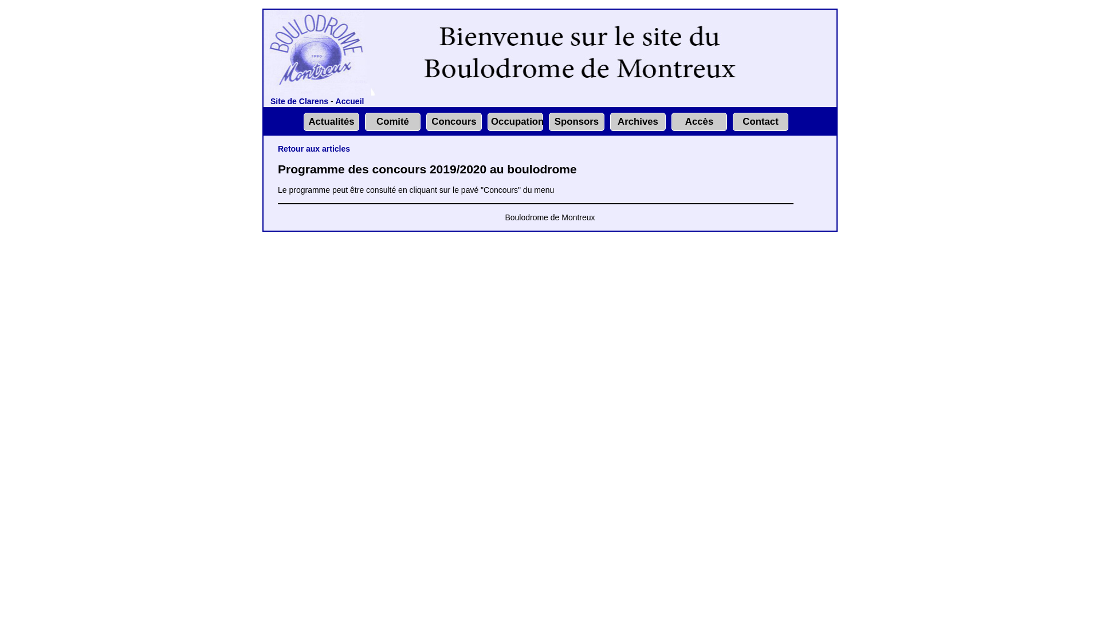 The image size is (1100, 618). Describe the element at coordinates (637, 121) in the screenshot. I see `'Archives'` at that location.